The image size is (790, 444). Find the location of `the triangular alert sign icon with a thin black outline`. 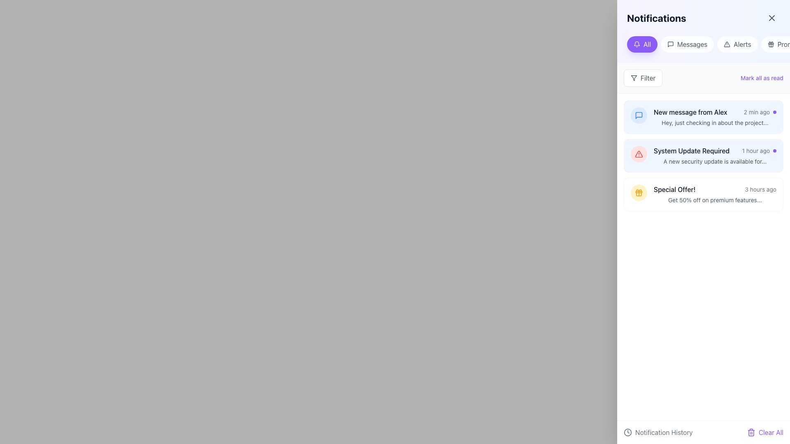

the triangular alert sign icon with a thin black outline is located at coordinates (727, 44).